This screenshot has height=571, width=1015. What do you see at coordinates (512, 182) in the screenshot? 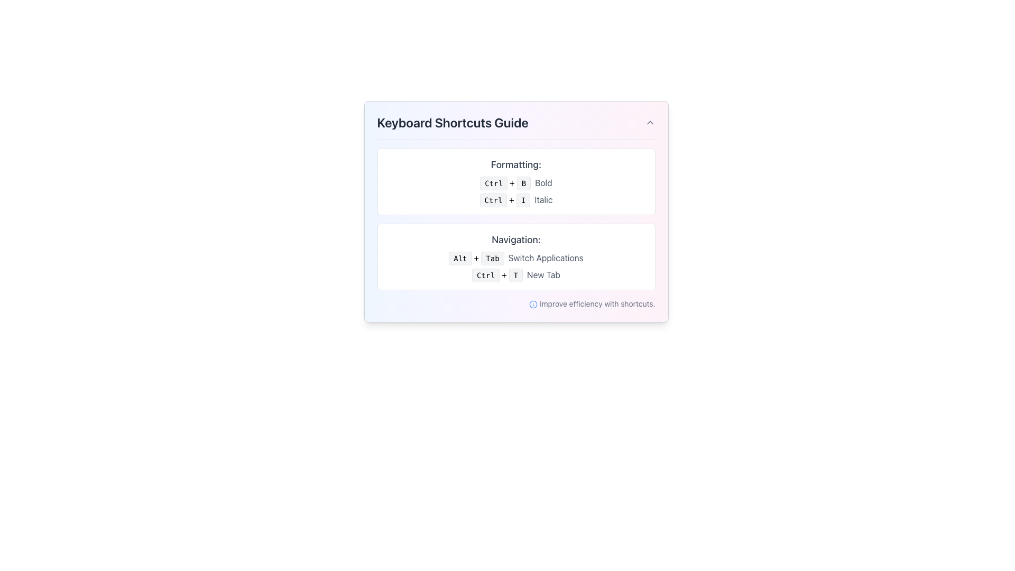
I see `the small white text component displaying the '+' character, which is located between 'Ctrl' and 'B' in the shortcuts list of the 'Formatting' section` at bounding box center [512, 182].